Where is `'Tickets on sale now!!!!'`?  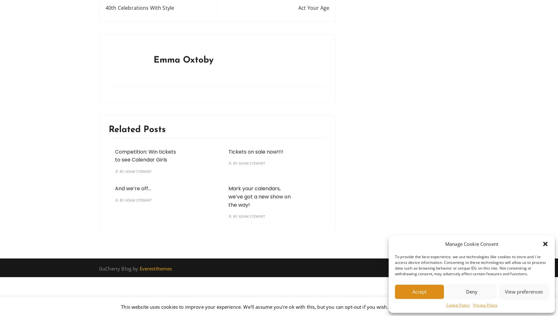 'Tickets on sale now!!!!' is located at coordinates (256, 151).